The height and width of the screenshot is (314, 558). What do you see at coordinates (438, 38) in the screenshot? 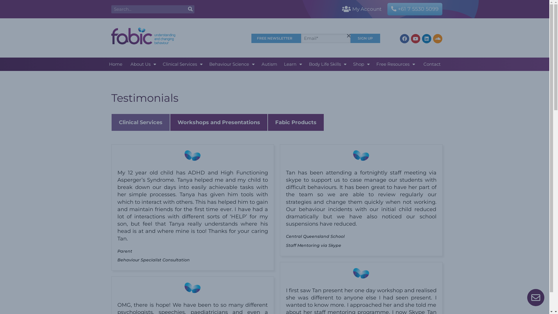
I see `'Soundcloud'` at bounding box center [438, 38].